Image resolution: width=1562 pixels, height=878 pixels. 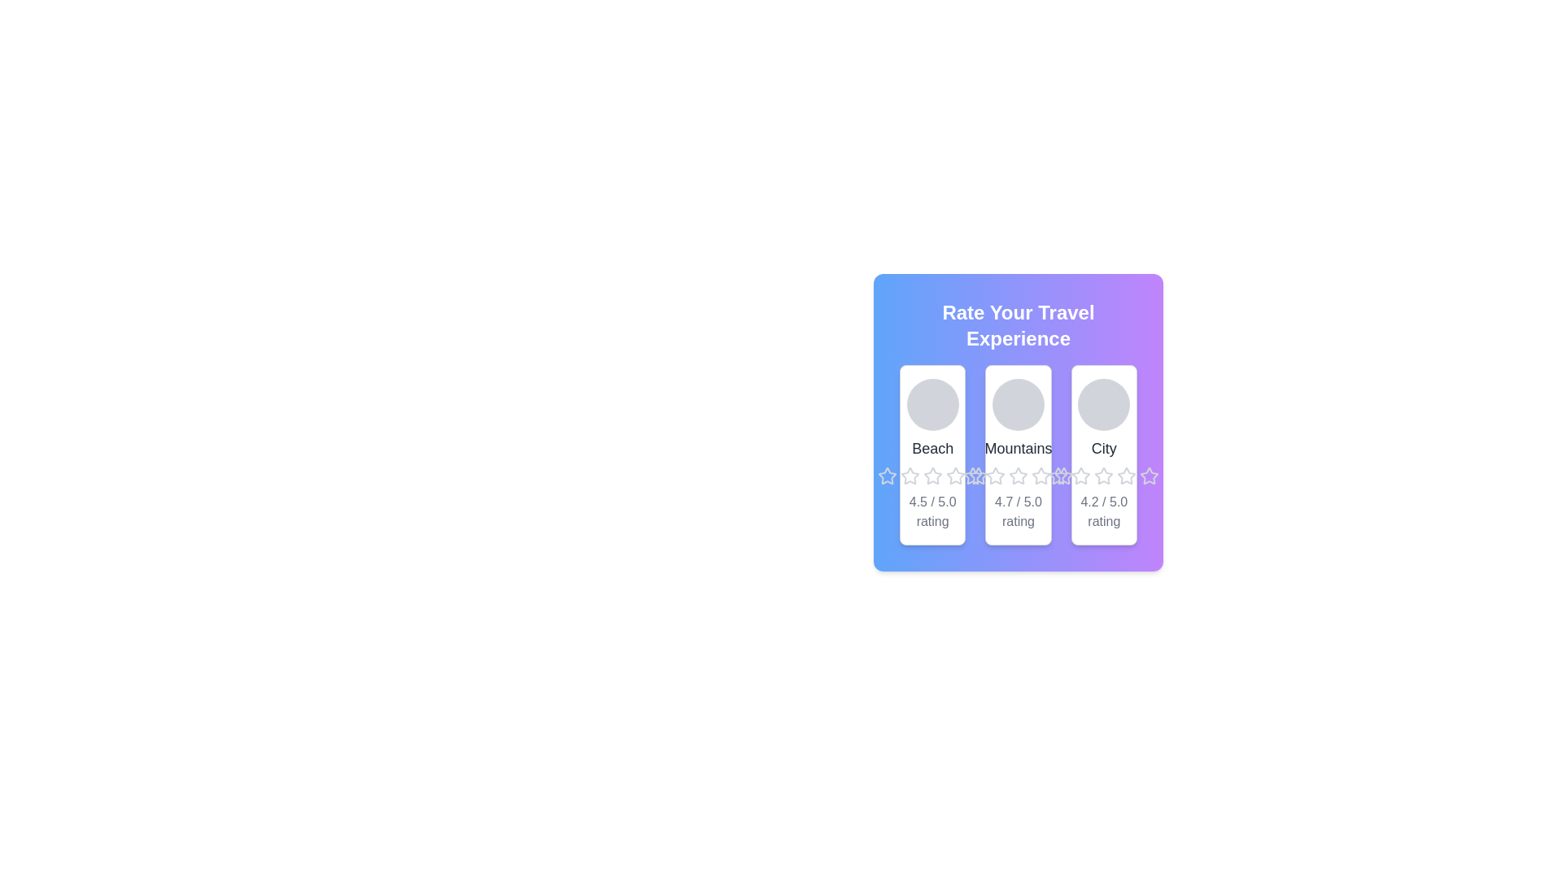 What do you see at coordinates (1104, 403) in the screenshot?
I see `the circular avatar placeholder located at the top-center of the 'City' card, which has a smooth gray fill and a diameter of 16 units` at bounding box center [1104, 403].